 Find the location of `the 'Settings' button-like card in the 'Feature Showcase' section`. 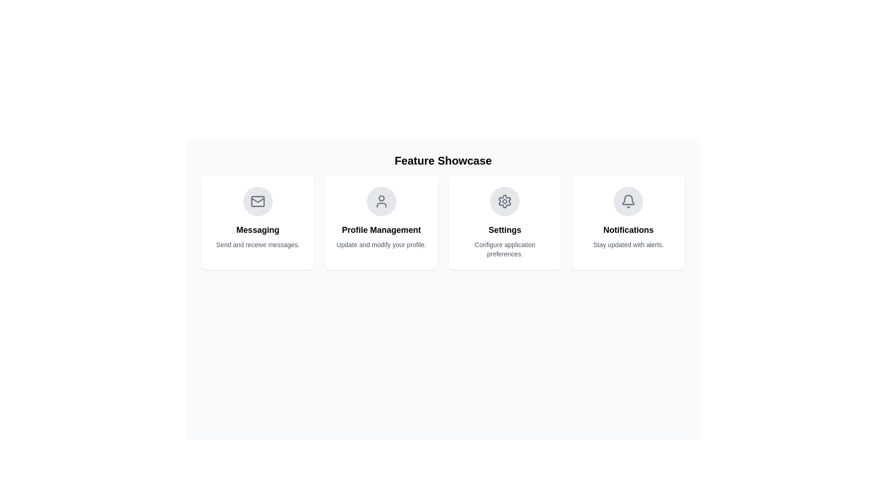

the 'Settings' button-like card in the 'Feature Showcase' section is located at coordinates (504, 222).